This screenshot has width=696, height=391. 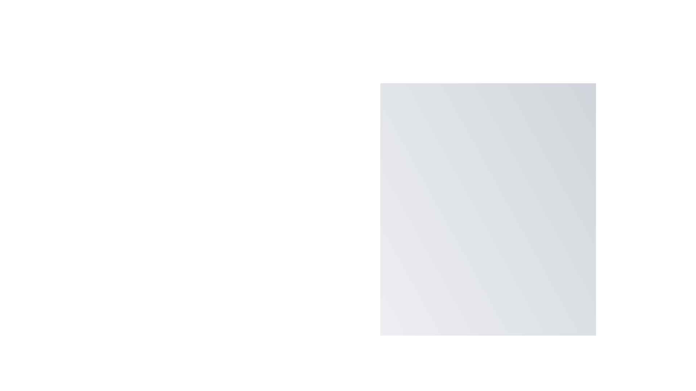 I want to click on main floating action button to toggle the menu, so click(x=525, y=375).